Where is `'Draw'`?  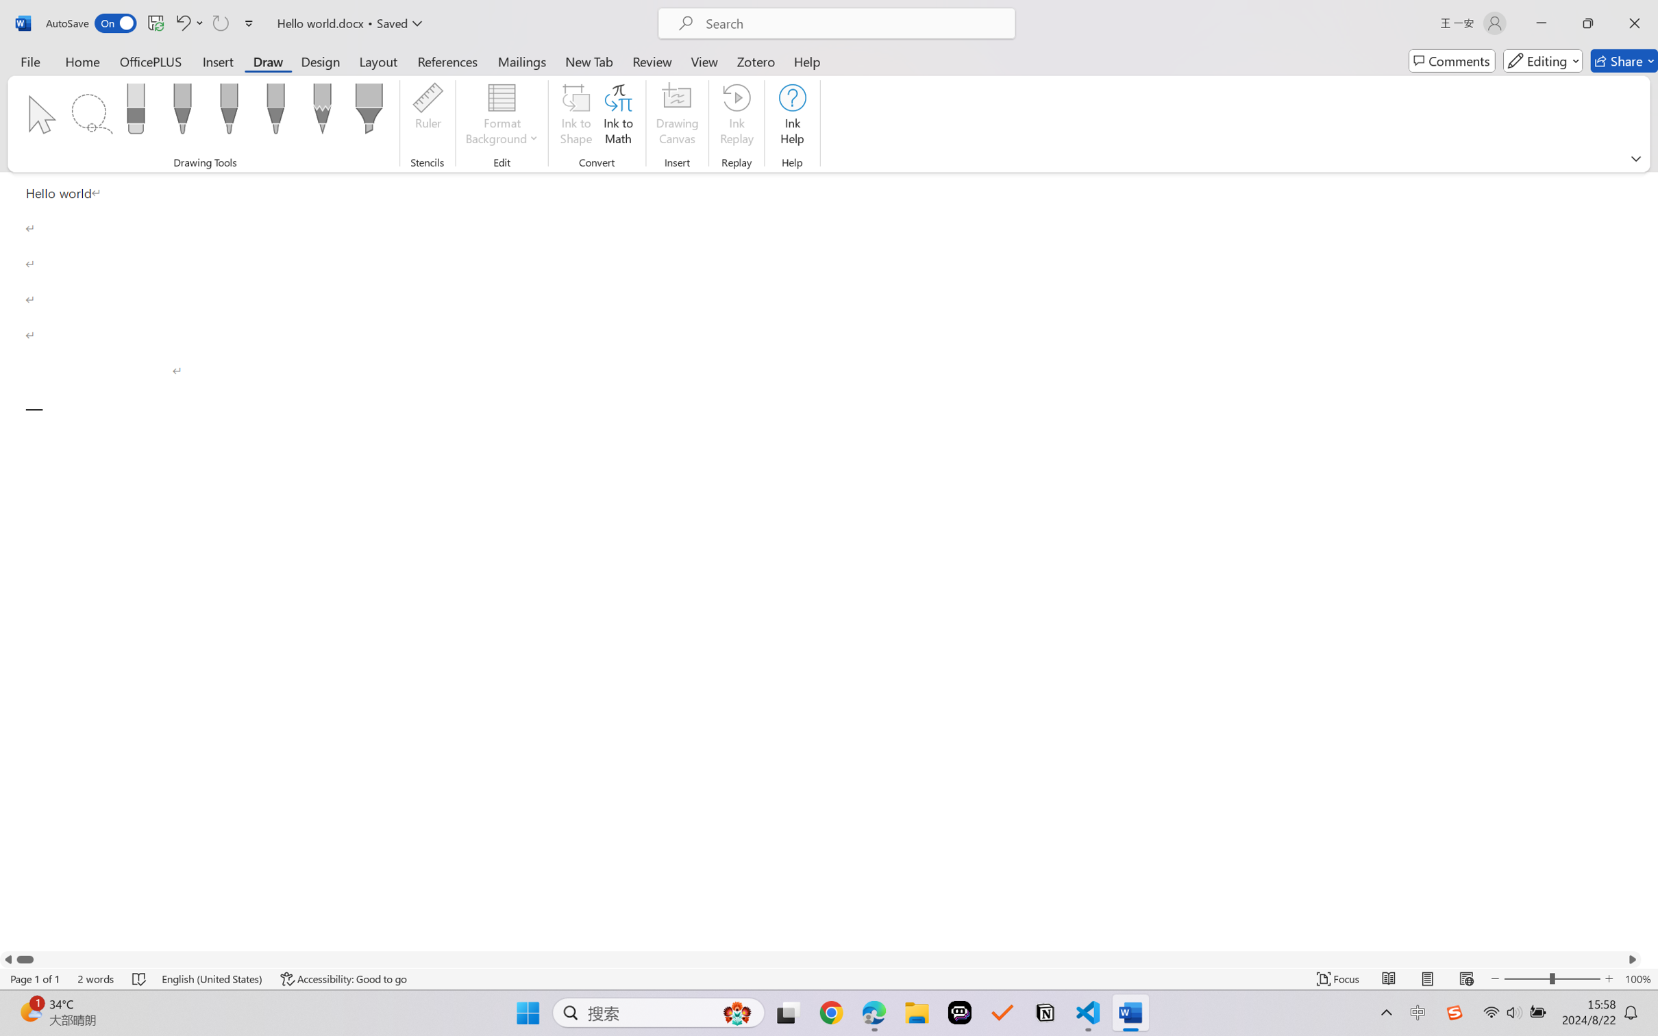
'Draw' is located at coordinates (268, 60).